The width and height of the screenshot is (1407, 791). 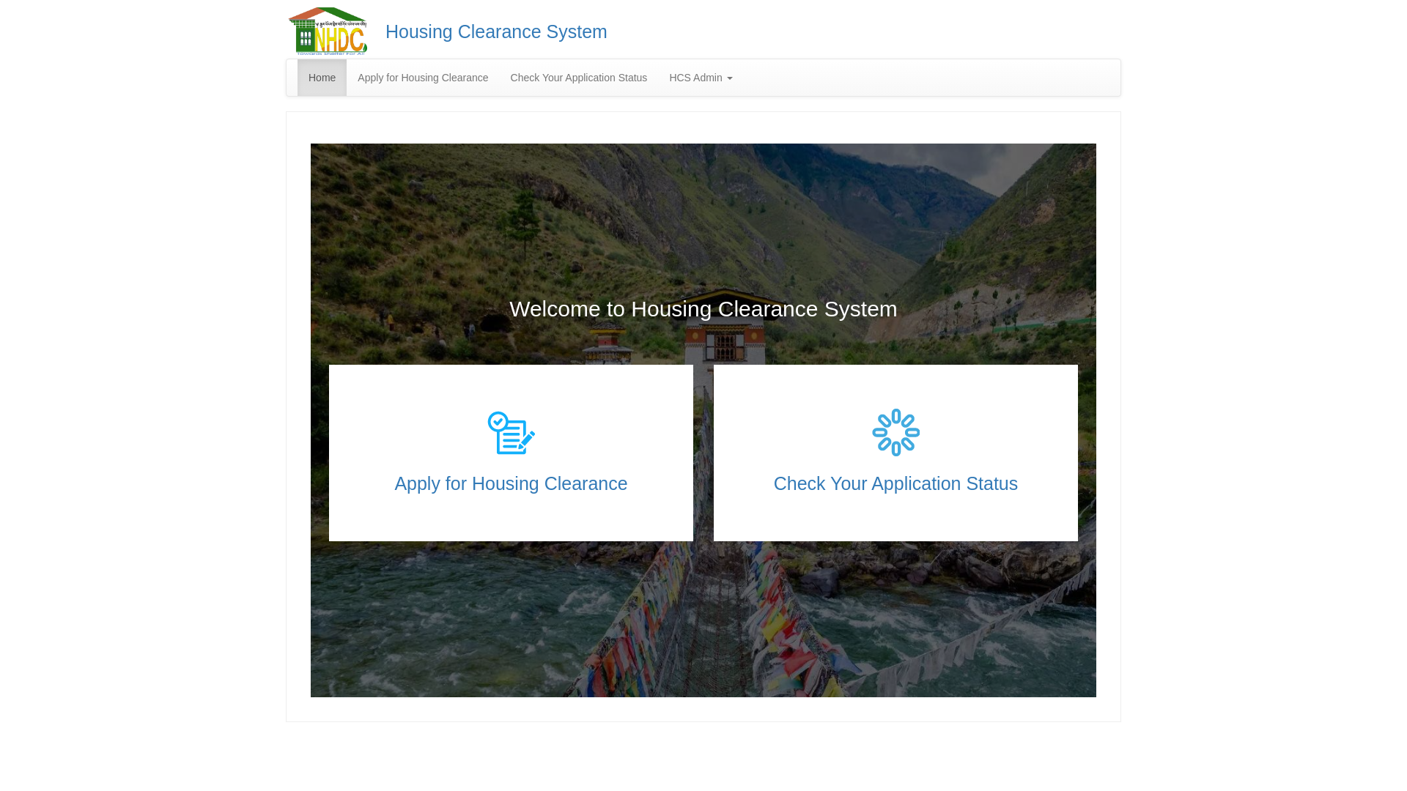 I want to click on 'Check Your Application Status', so click(x=895, y=483).